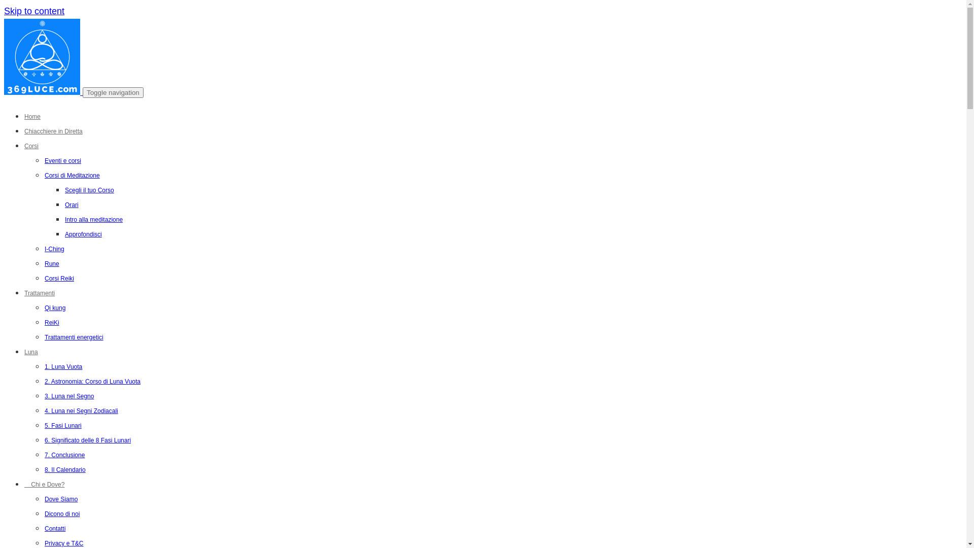 The image size is (974, 548). Describe the element at coordinates (41, 56) in the screenshot. I see `'3 6 9 Luce'` at that location.